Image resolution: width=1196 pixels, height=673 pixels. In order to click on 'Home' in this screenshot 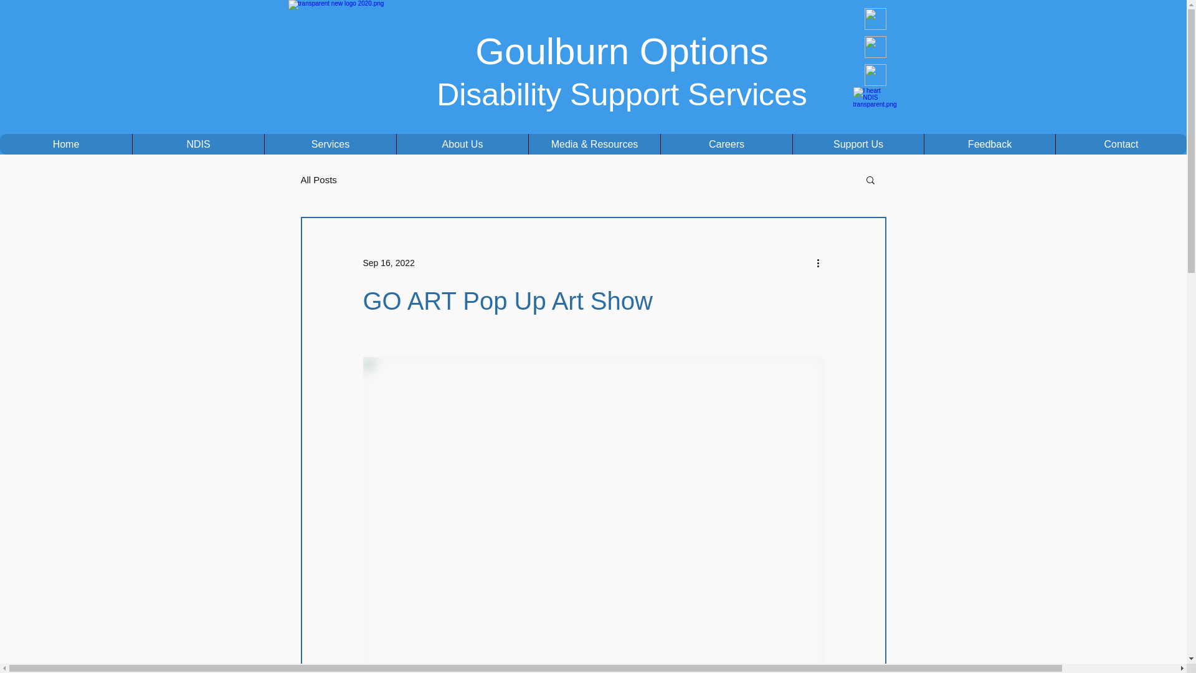, I will do `click(65, 143)`.